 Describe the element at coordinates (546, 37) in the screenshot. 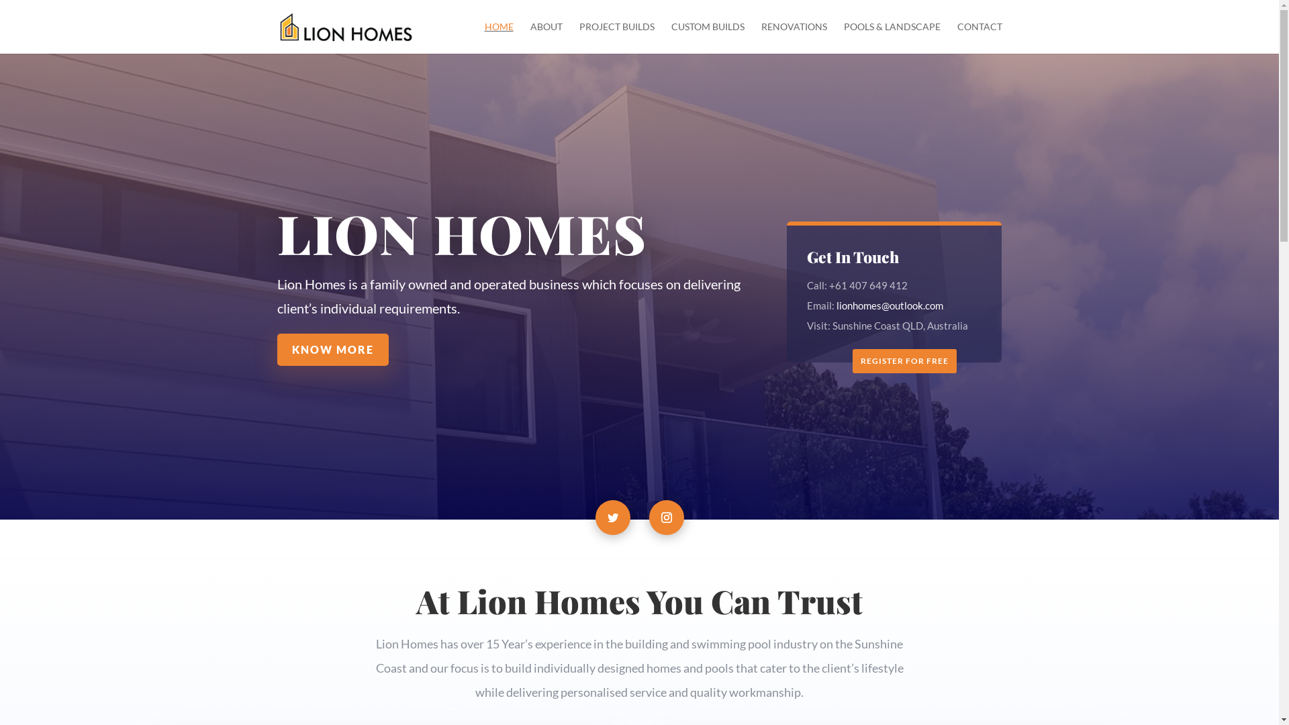

I see `'ABOUT'` at that location.